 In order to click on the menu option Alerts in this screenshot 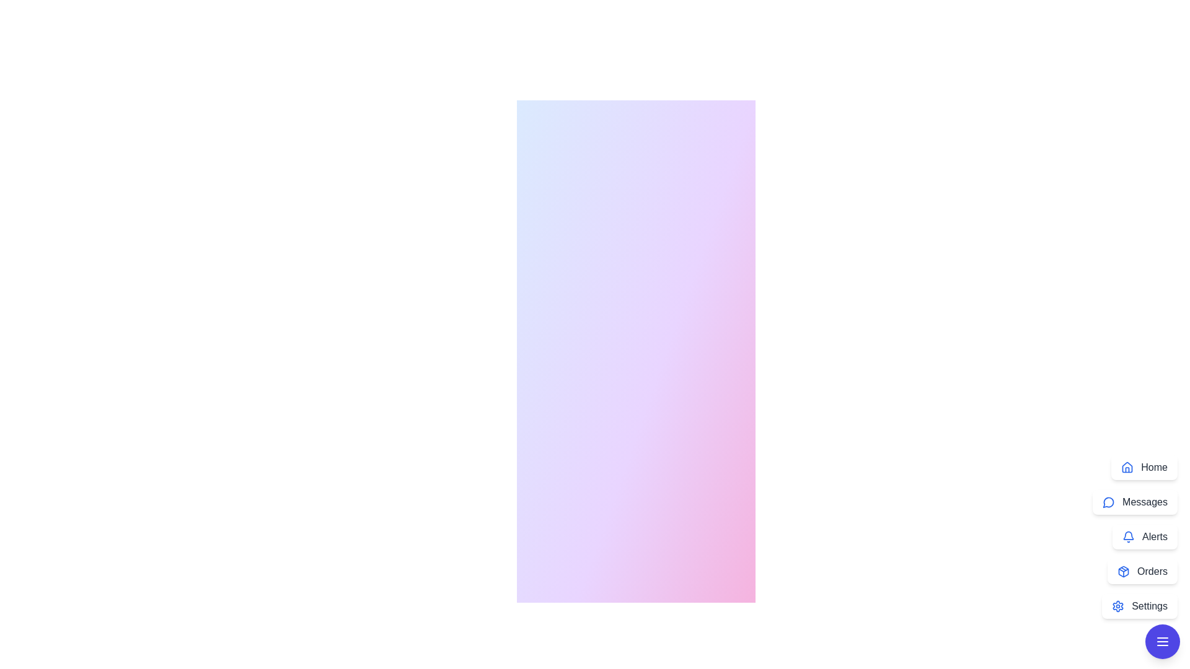, I will do `click(1144, 536)`.